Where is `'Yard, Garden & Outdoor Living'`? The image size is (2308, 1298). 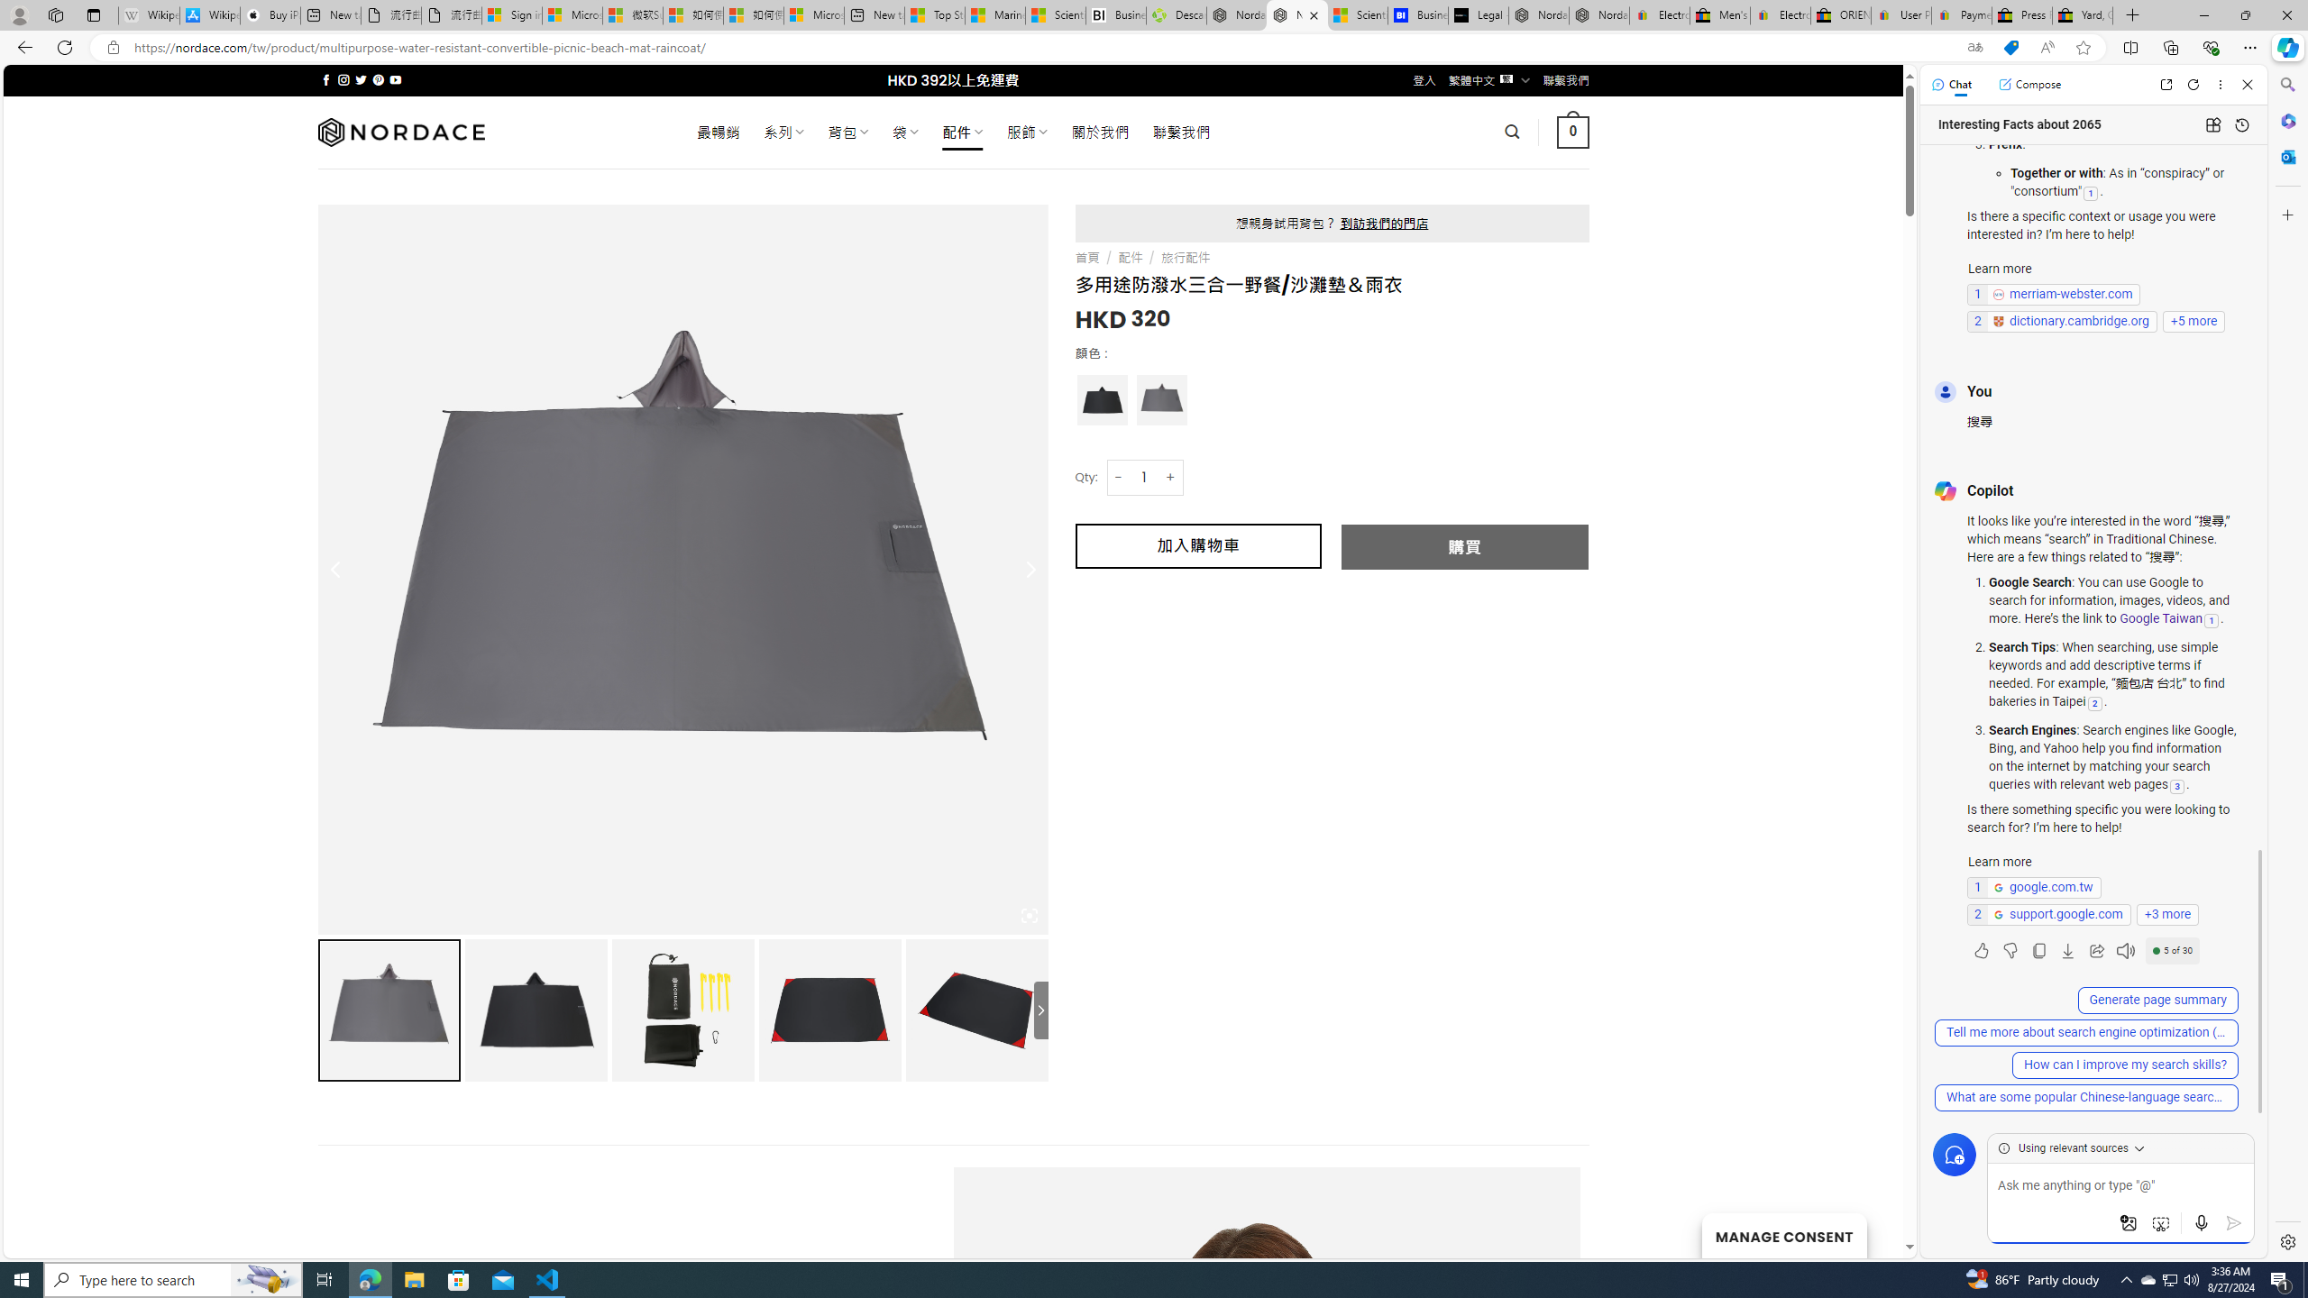 'Yard, Garden & Outdoor Living' is located at coordinates (2083, 14).